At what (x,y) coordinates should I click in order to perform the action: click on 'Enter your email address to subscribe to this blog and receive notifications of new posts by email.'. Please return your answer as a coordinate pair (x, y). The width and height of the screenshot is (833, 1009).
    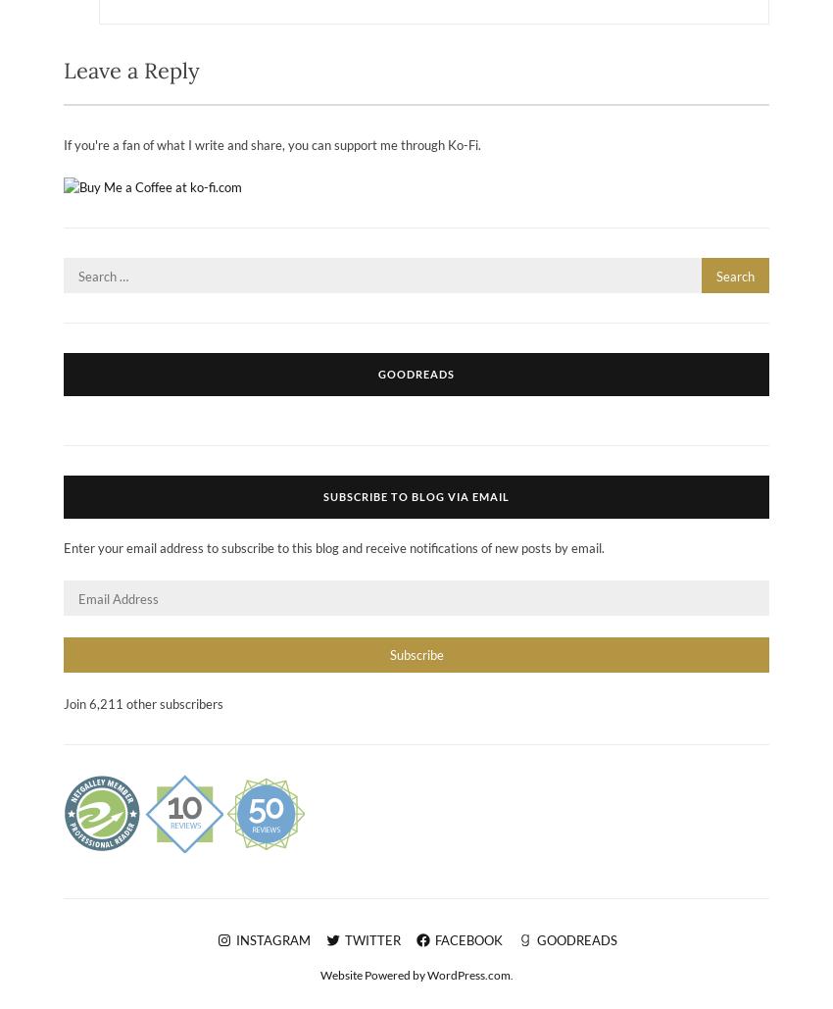
    Looking at the image, I should click on (333, 546).